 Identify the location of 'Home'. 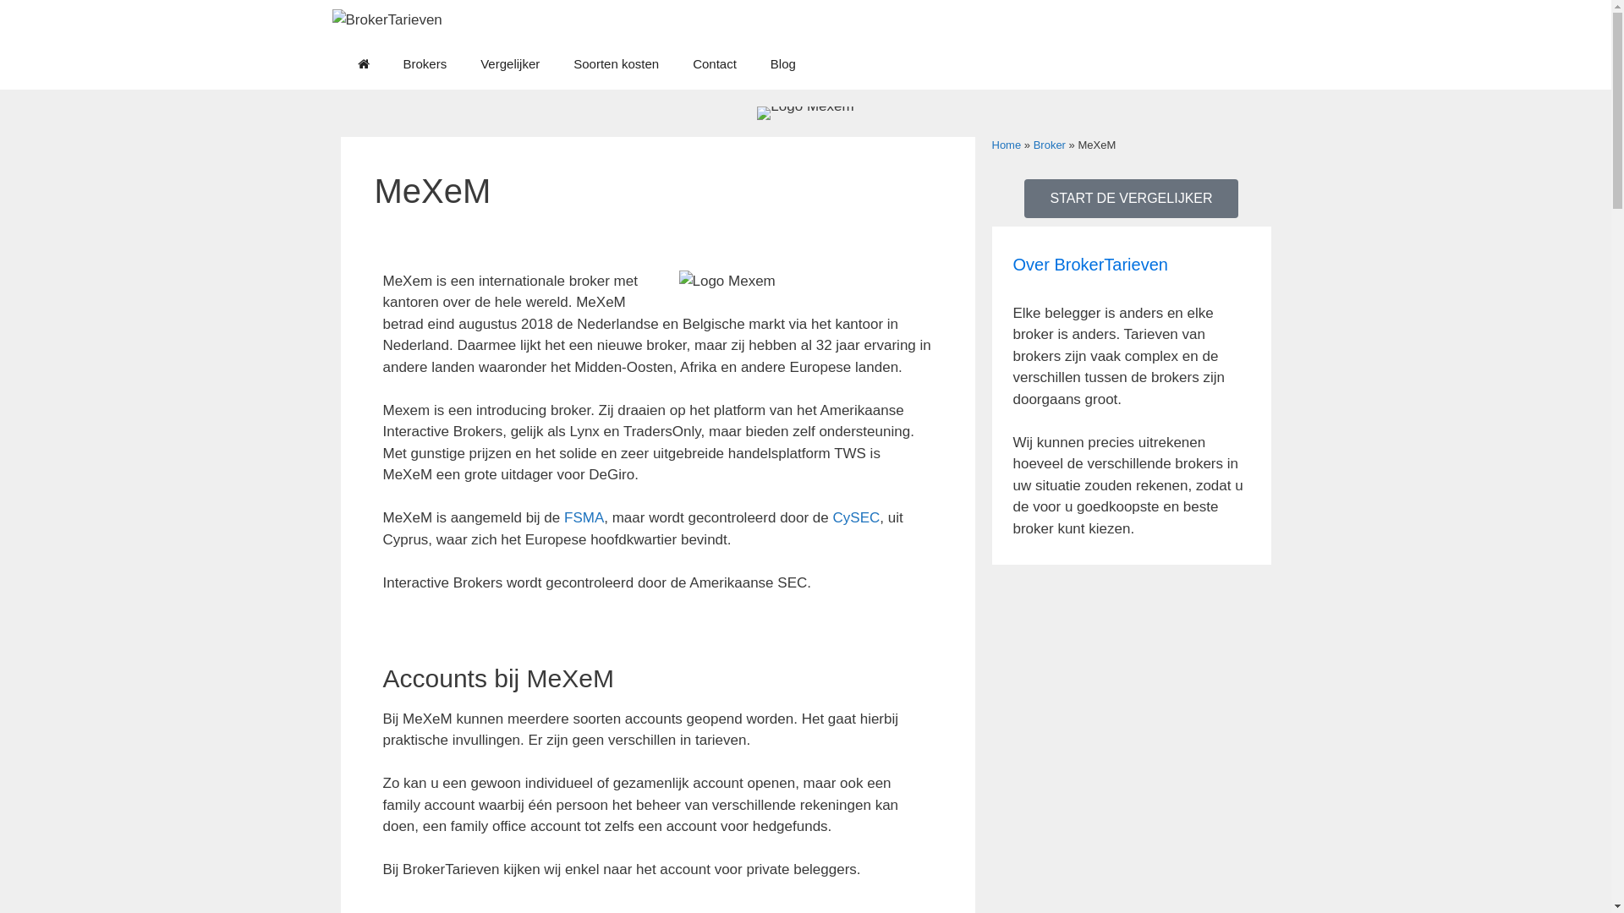
(1006, 144).